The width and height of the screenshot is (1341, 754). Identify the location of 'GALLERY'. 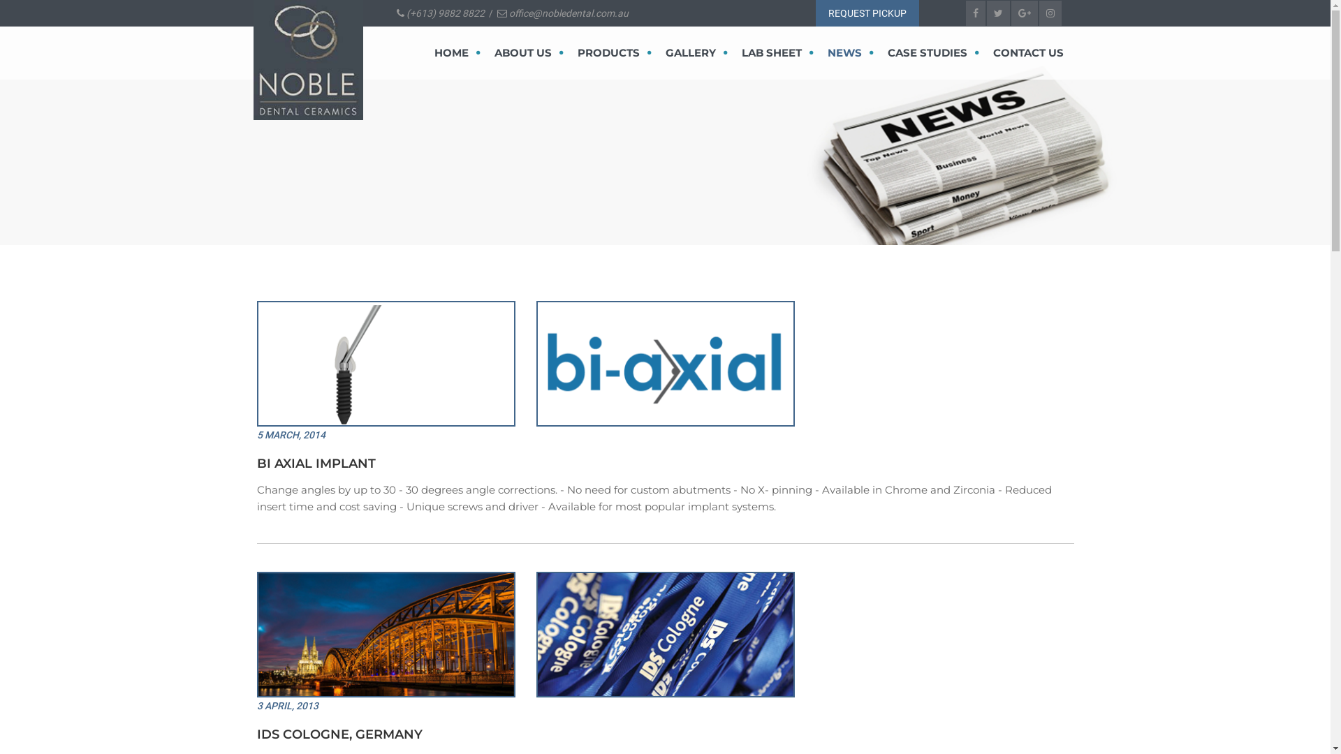
(696, 52).